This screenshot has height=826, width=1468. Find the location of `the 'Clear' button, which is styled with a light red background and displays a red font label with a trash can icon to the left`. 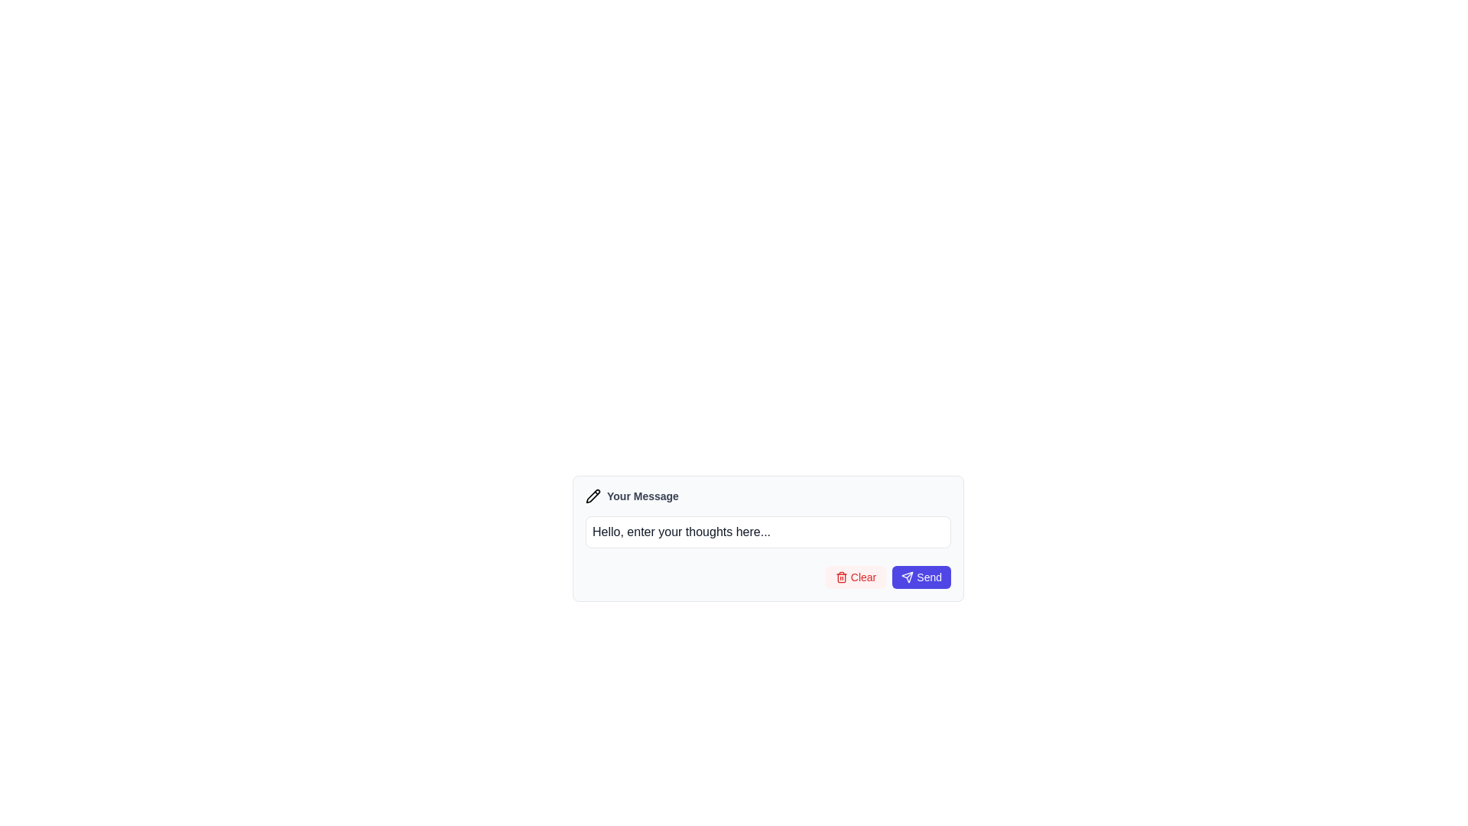

the 'Clear' button, which is styled with a light red background and displays a red font label with a trash can icon to the left is located at coordinates (855, 577).